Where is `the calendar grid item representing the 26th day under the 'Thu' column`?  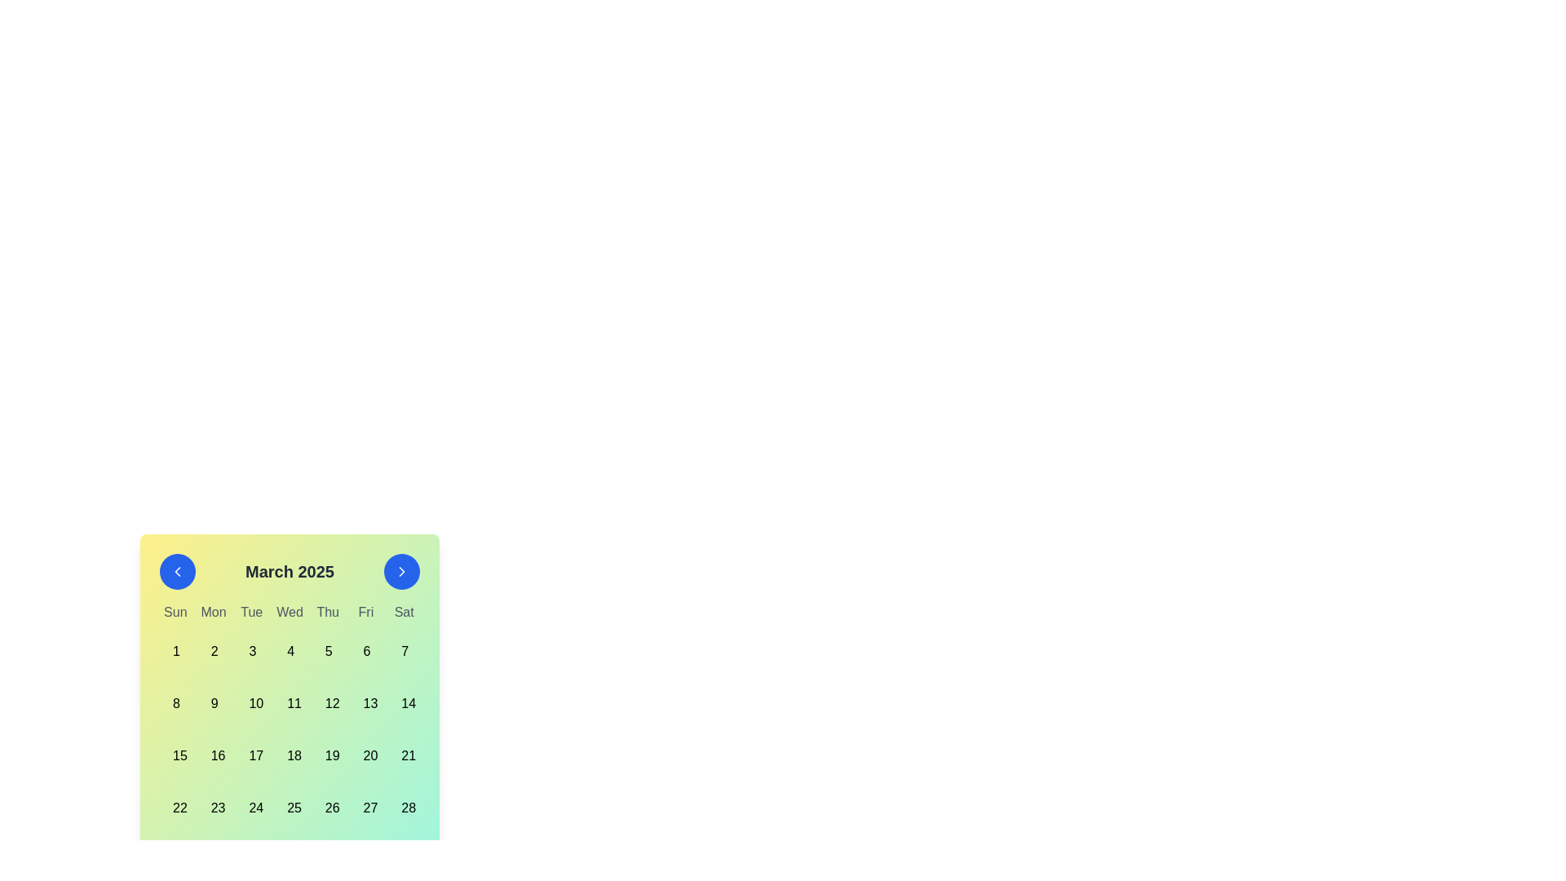
the calendar grid item representing the 26th day under the 'Thu' column is located at coordinates (327, 808).